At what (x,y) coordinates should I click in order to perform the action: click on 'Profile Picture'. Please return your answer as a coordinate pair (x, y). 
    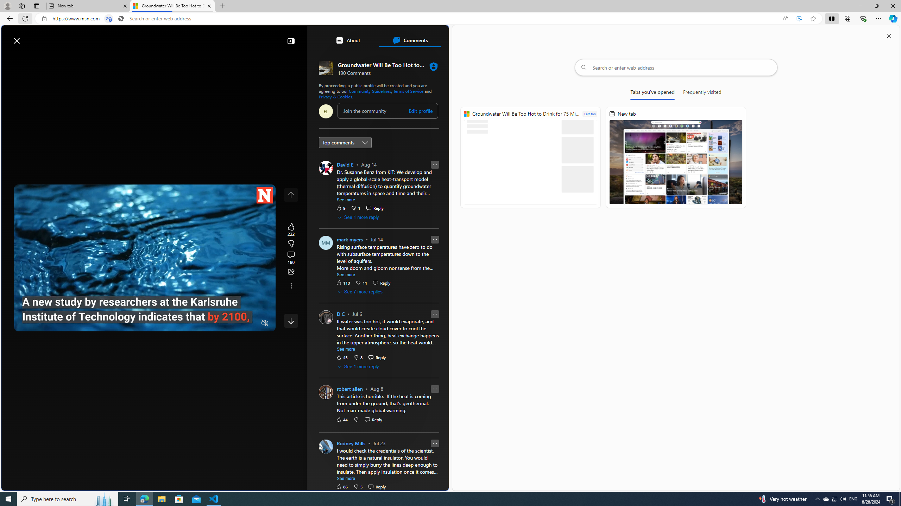
    Looking at the image, I should click on (326, 446).